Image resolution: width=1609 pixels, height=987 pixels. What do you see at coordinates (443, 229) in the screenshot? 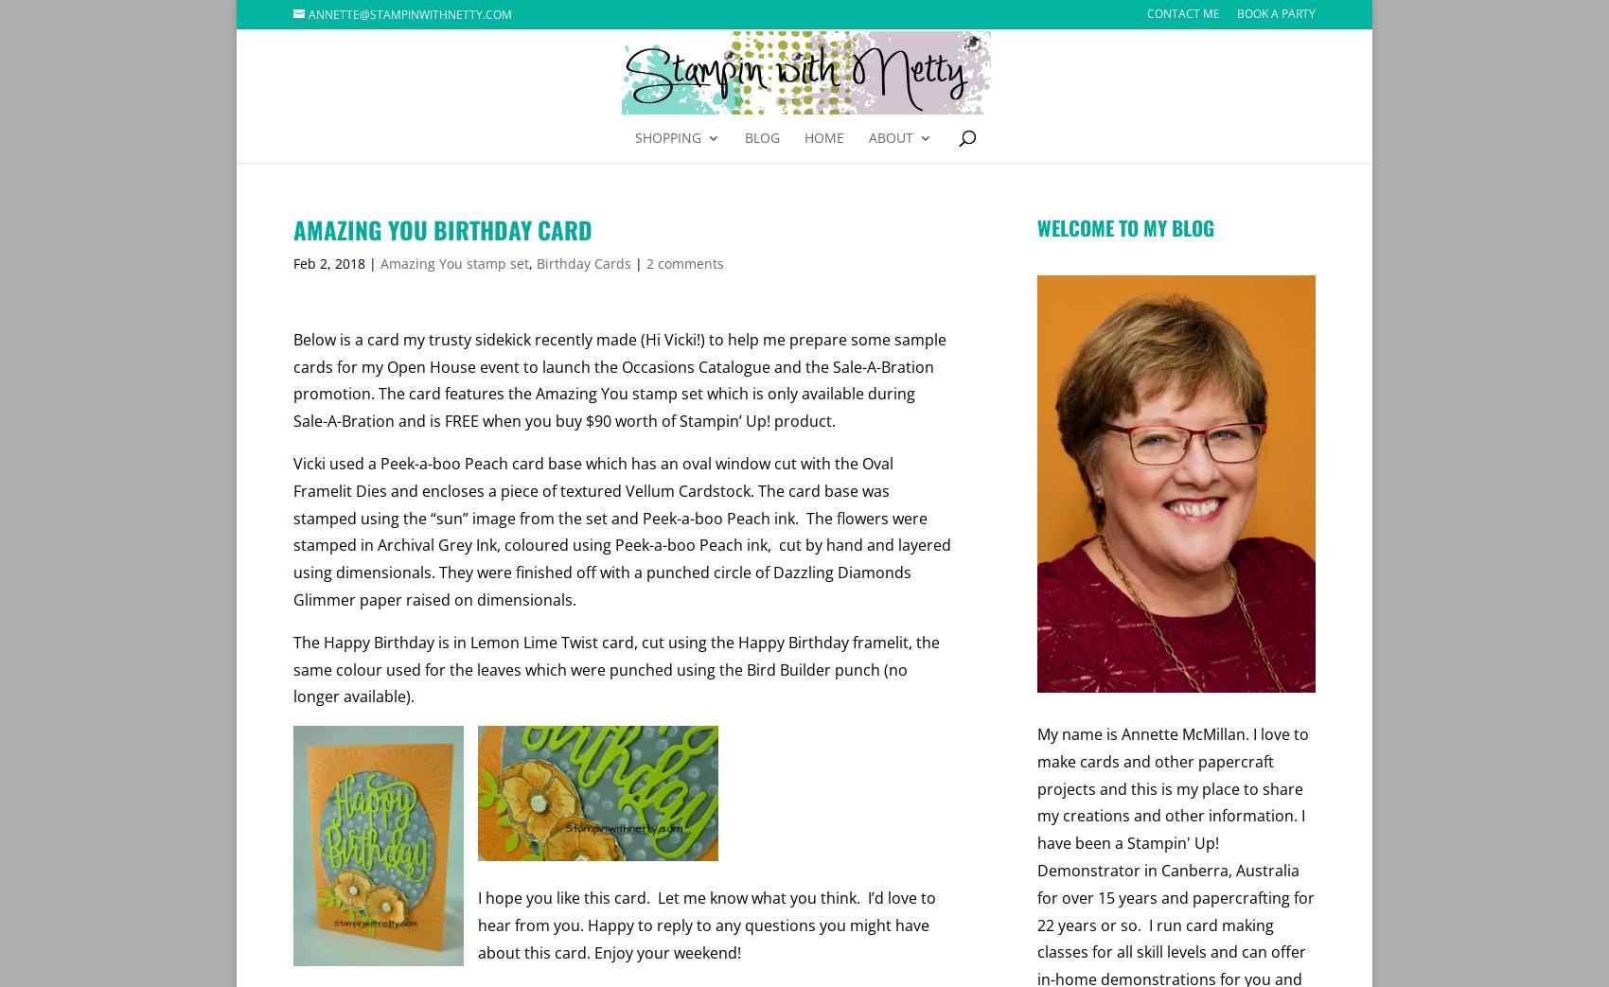
I see `'Amazing You Birthday Card'` at bounding box center [443, 229].